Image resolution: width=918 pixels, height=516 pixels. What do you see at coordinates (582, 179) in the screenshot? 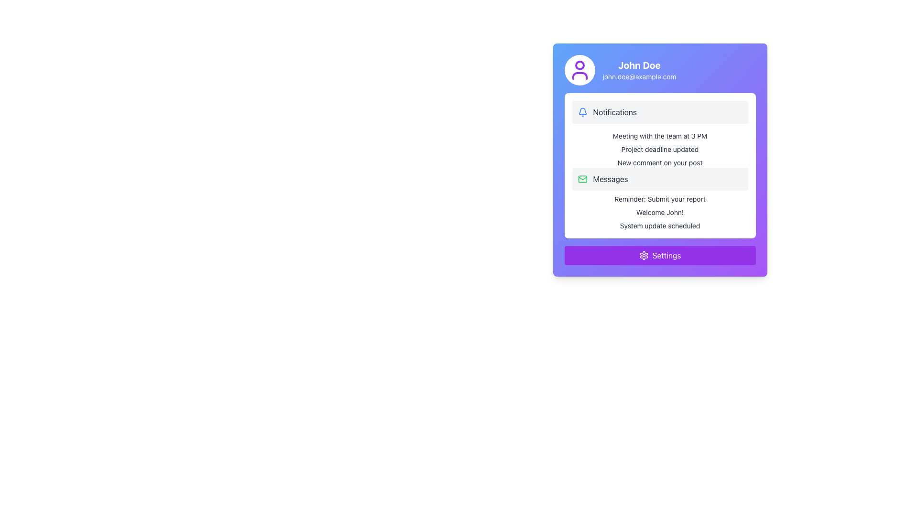
I see `the 'Messages' graphical icon, which is a part of the categorized notifications section, located below the bell icon in the vertical list` at bounding box center [582, 179].